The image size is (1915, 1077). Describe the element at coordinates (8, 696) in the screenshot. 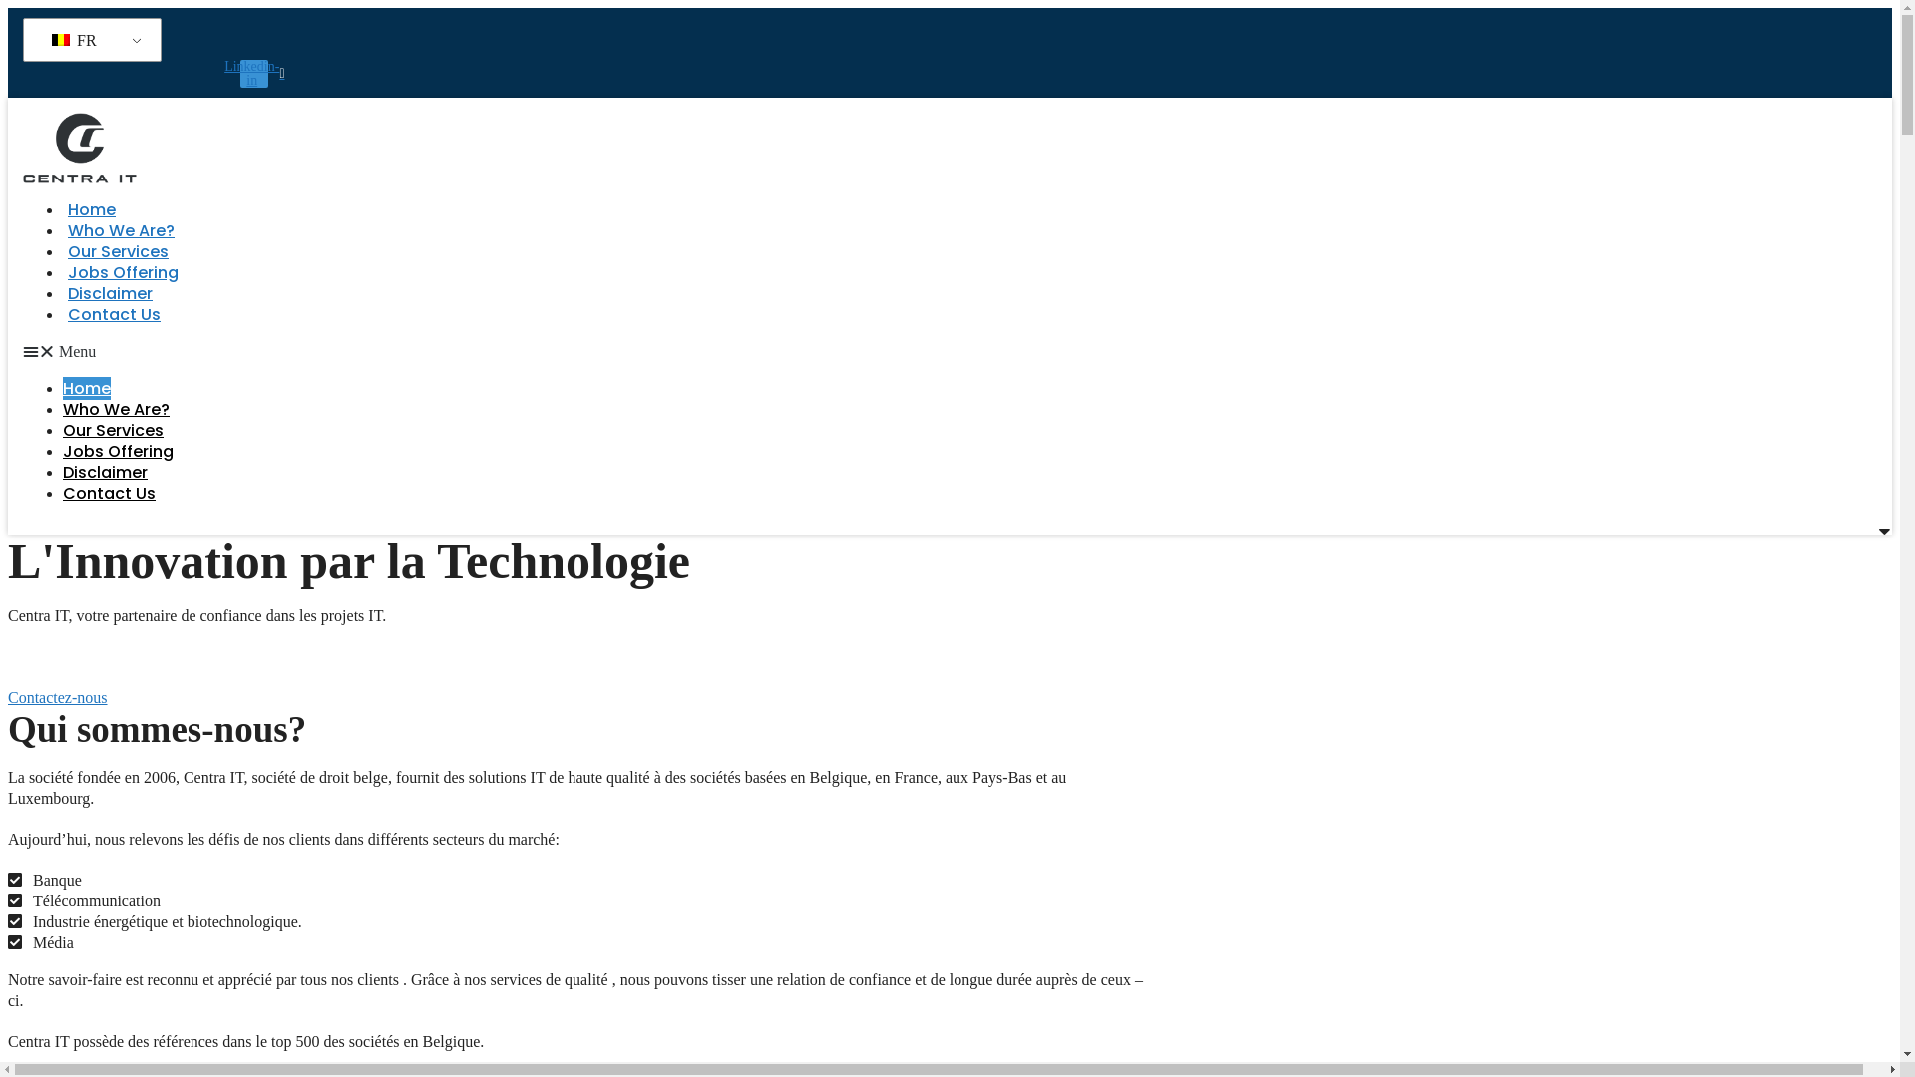

I see `'Contactez-nous'` at that location.